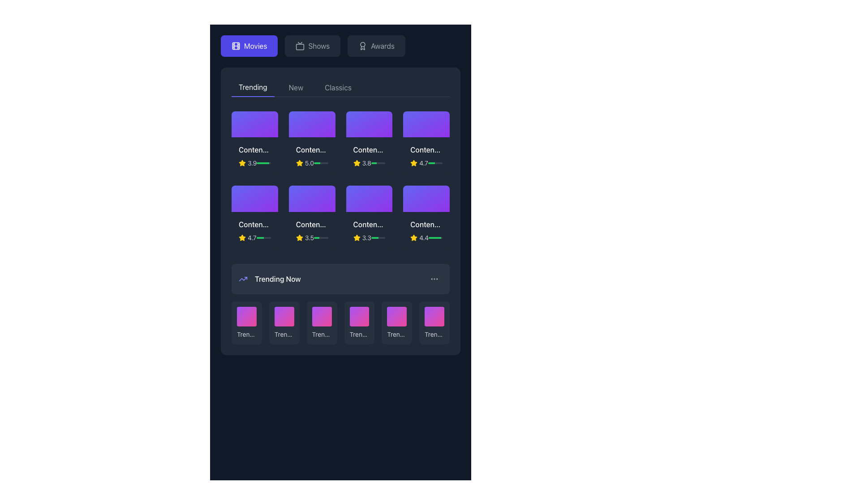  What do you see at coordinates (434, 278) in the screenshot?
I see `the Icon/Menu Trigger, which consists of three horizontally-aligned light gray dots located` at bounding box center [434, 278].